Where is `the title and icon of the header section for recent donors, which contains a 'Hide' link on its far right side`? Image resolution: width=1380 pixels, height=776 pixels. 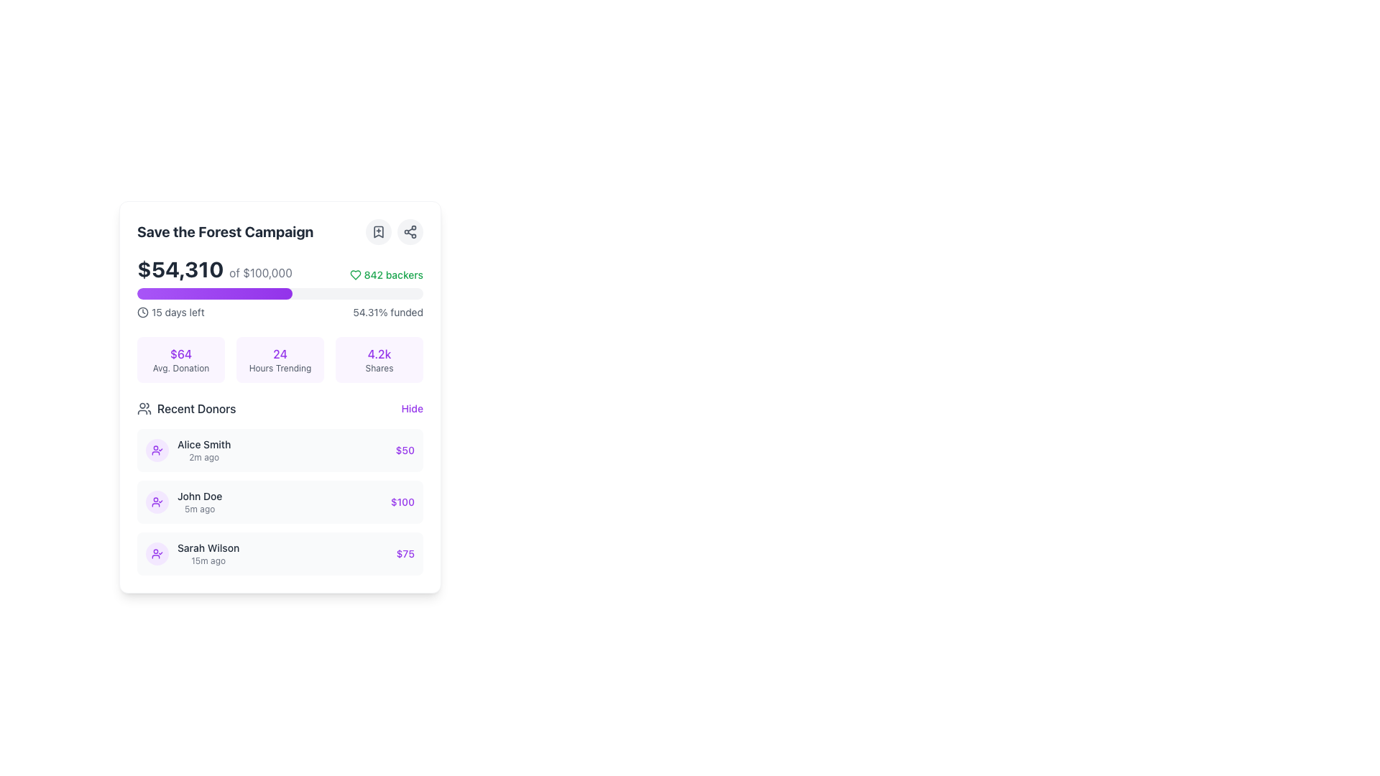 the title and icon of the header section for recent donors, which contains a 'Hide' link on its far right side is located at coordinates (280, 409).